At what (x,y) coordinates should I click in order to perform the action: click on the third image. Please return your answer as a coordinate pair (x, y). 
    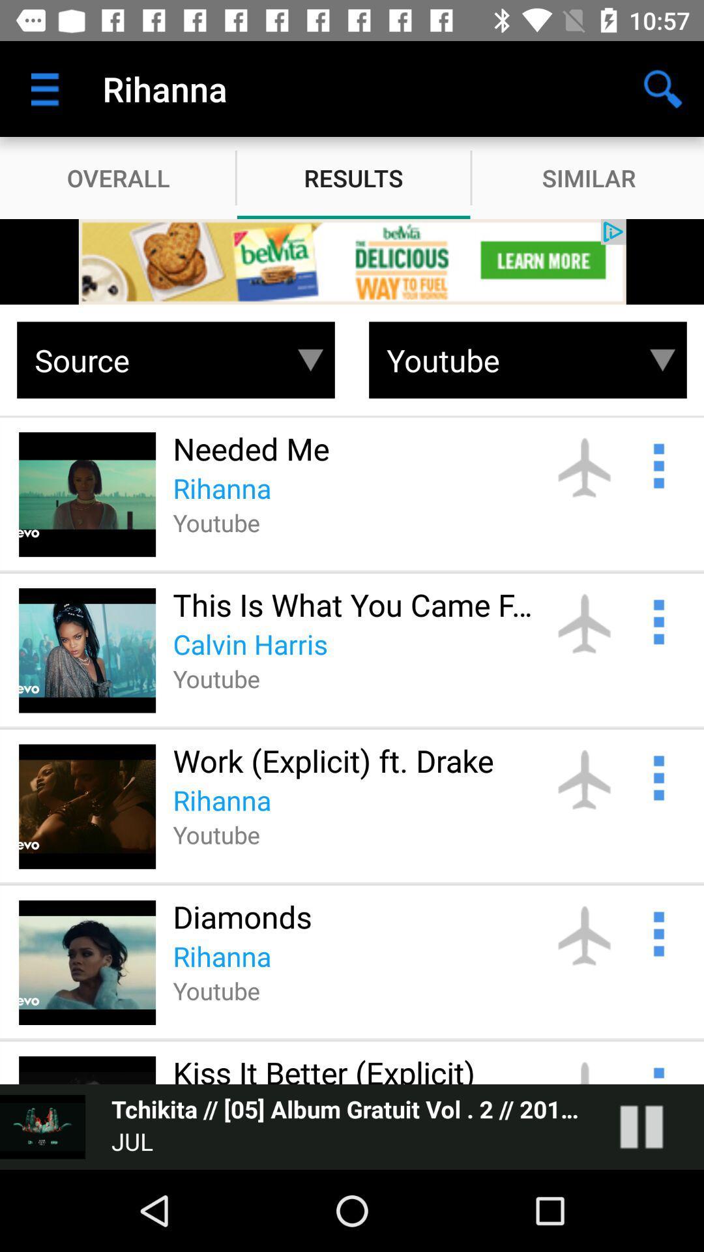
    Looking at the image, I should click on (87, 806).